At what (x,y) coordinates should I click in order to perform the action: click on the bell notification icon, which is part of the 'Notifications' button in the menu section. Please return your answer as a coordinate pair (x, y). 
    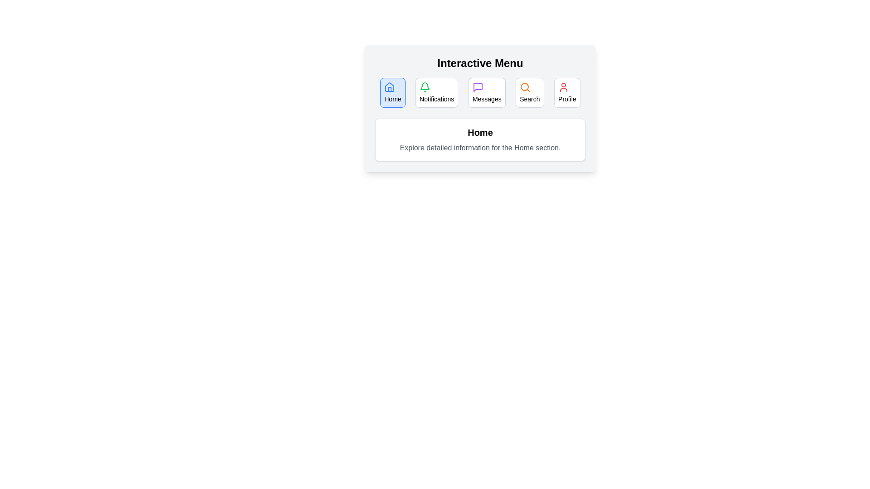
    Looking at the image, I should click on (425, 86).